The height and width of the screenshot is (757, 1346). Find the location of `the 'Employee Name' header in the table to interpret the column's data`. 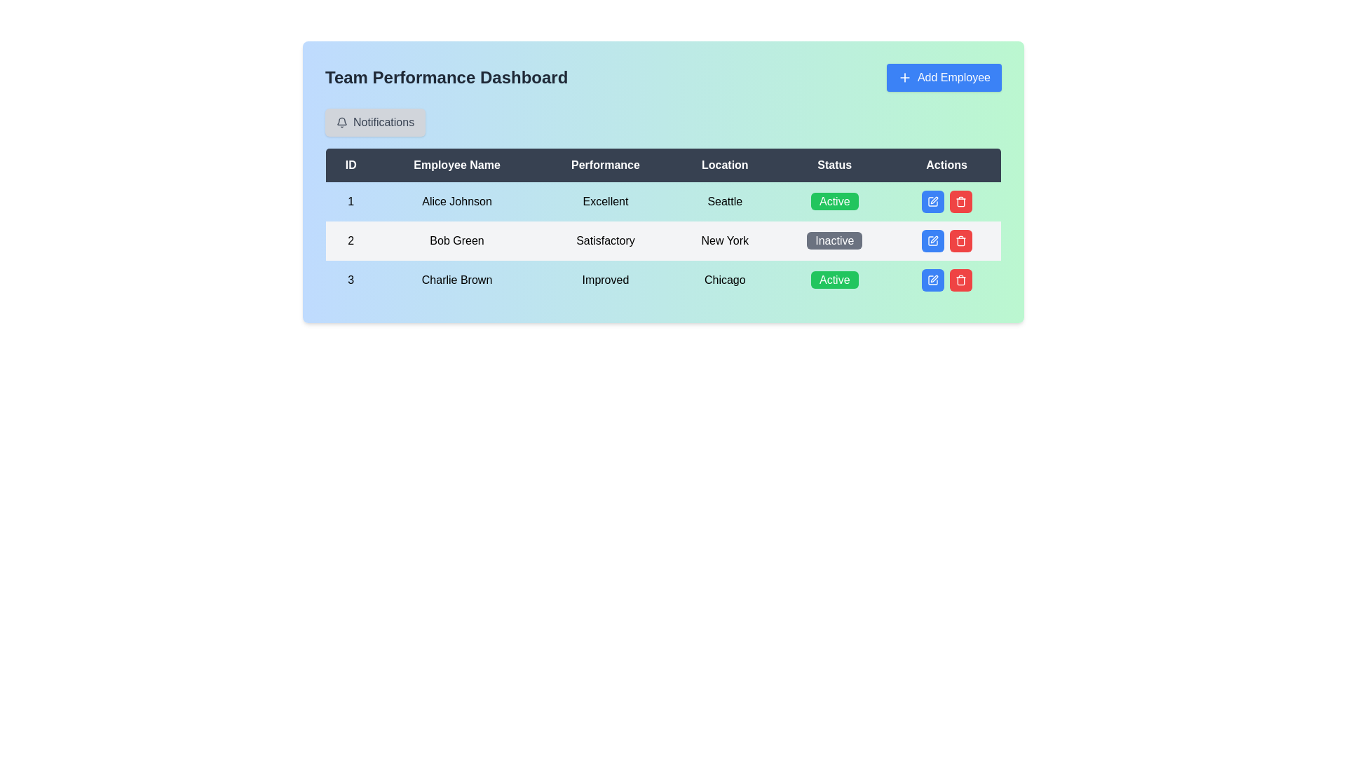

the 'Employee Name' header in the table to interpret the column's data is located at coordinates (457, 164).